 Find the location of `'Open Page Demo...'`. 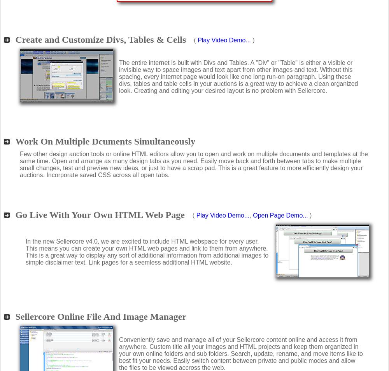

'Open Page Demo...' is located at coordinates (280, 215).